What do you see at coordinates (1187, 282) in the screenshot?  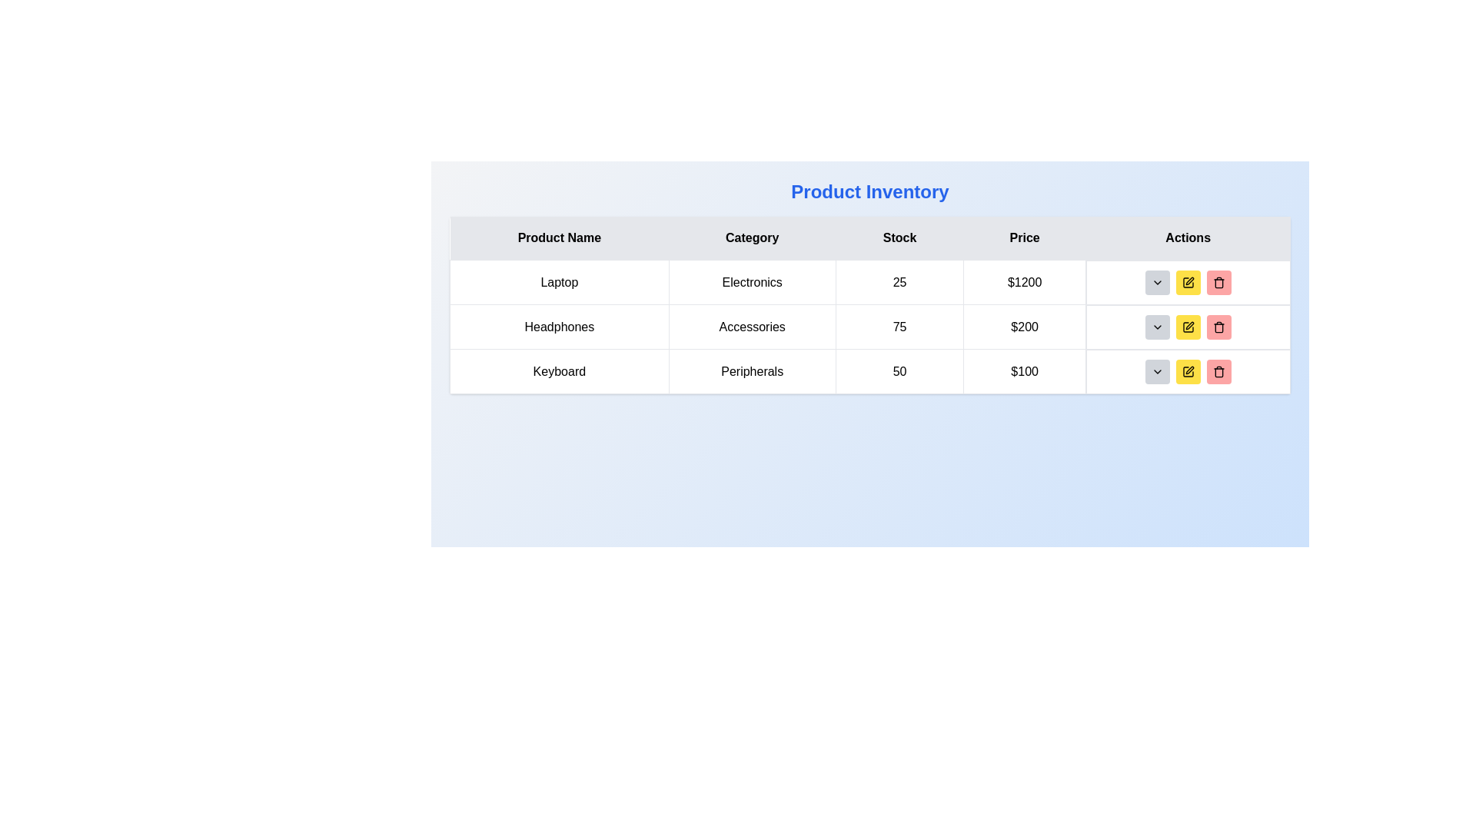 I see `the 'Edit' button for the 'Headphones' product in the Actions column of the table` at bounding box center [1187, 282].